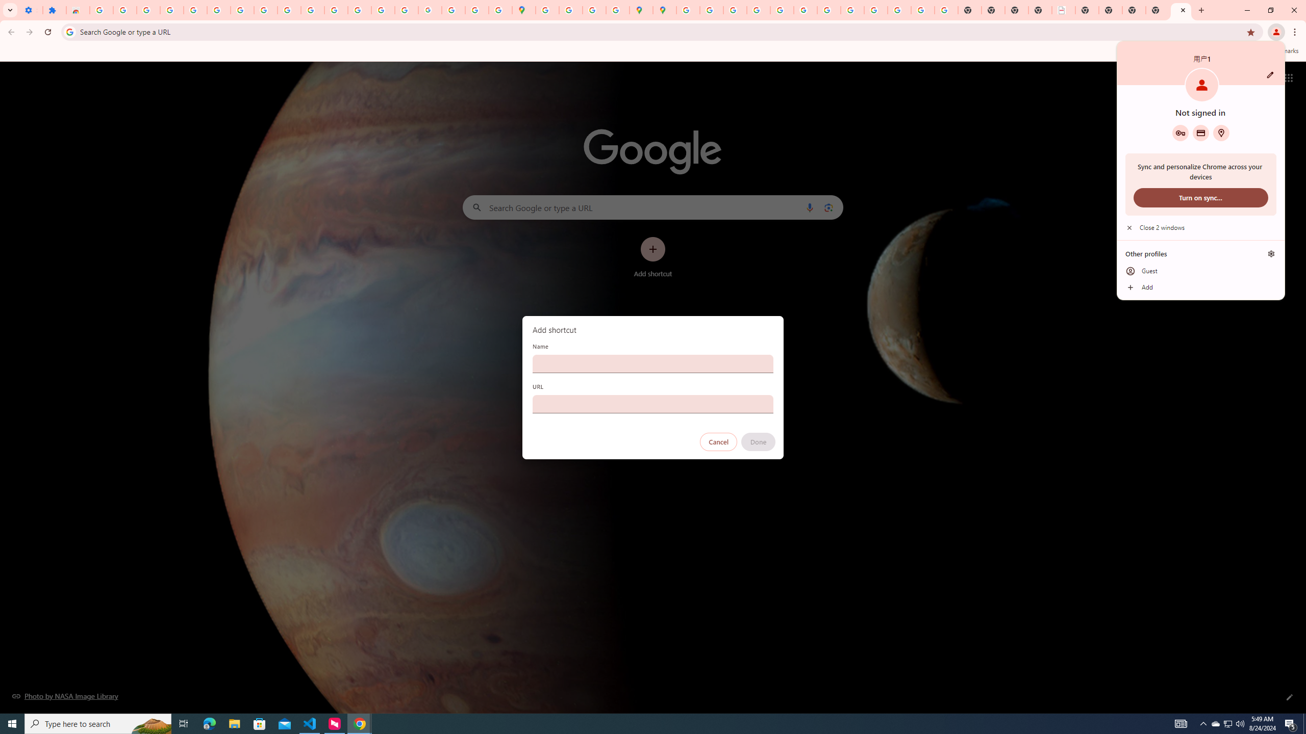 This screenshot has width=1306, height=734. Describe the element at coordinates (1200, 228) in the screenshot. I see `'Close 2 windows'` at that location.